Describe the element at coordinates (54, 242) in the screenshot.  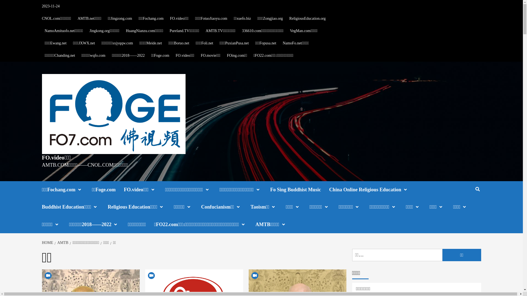
I see `'AMTB'` at that location.